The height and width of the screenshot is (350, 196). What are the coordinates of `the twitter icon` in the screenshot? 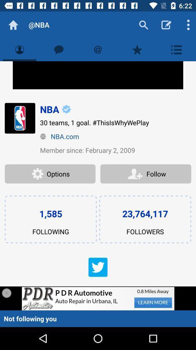 It's located at (98, 267).